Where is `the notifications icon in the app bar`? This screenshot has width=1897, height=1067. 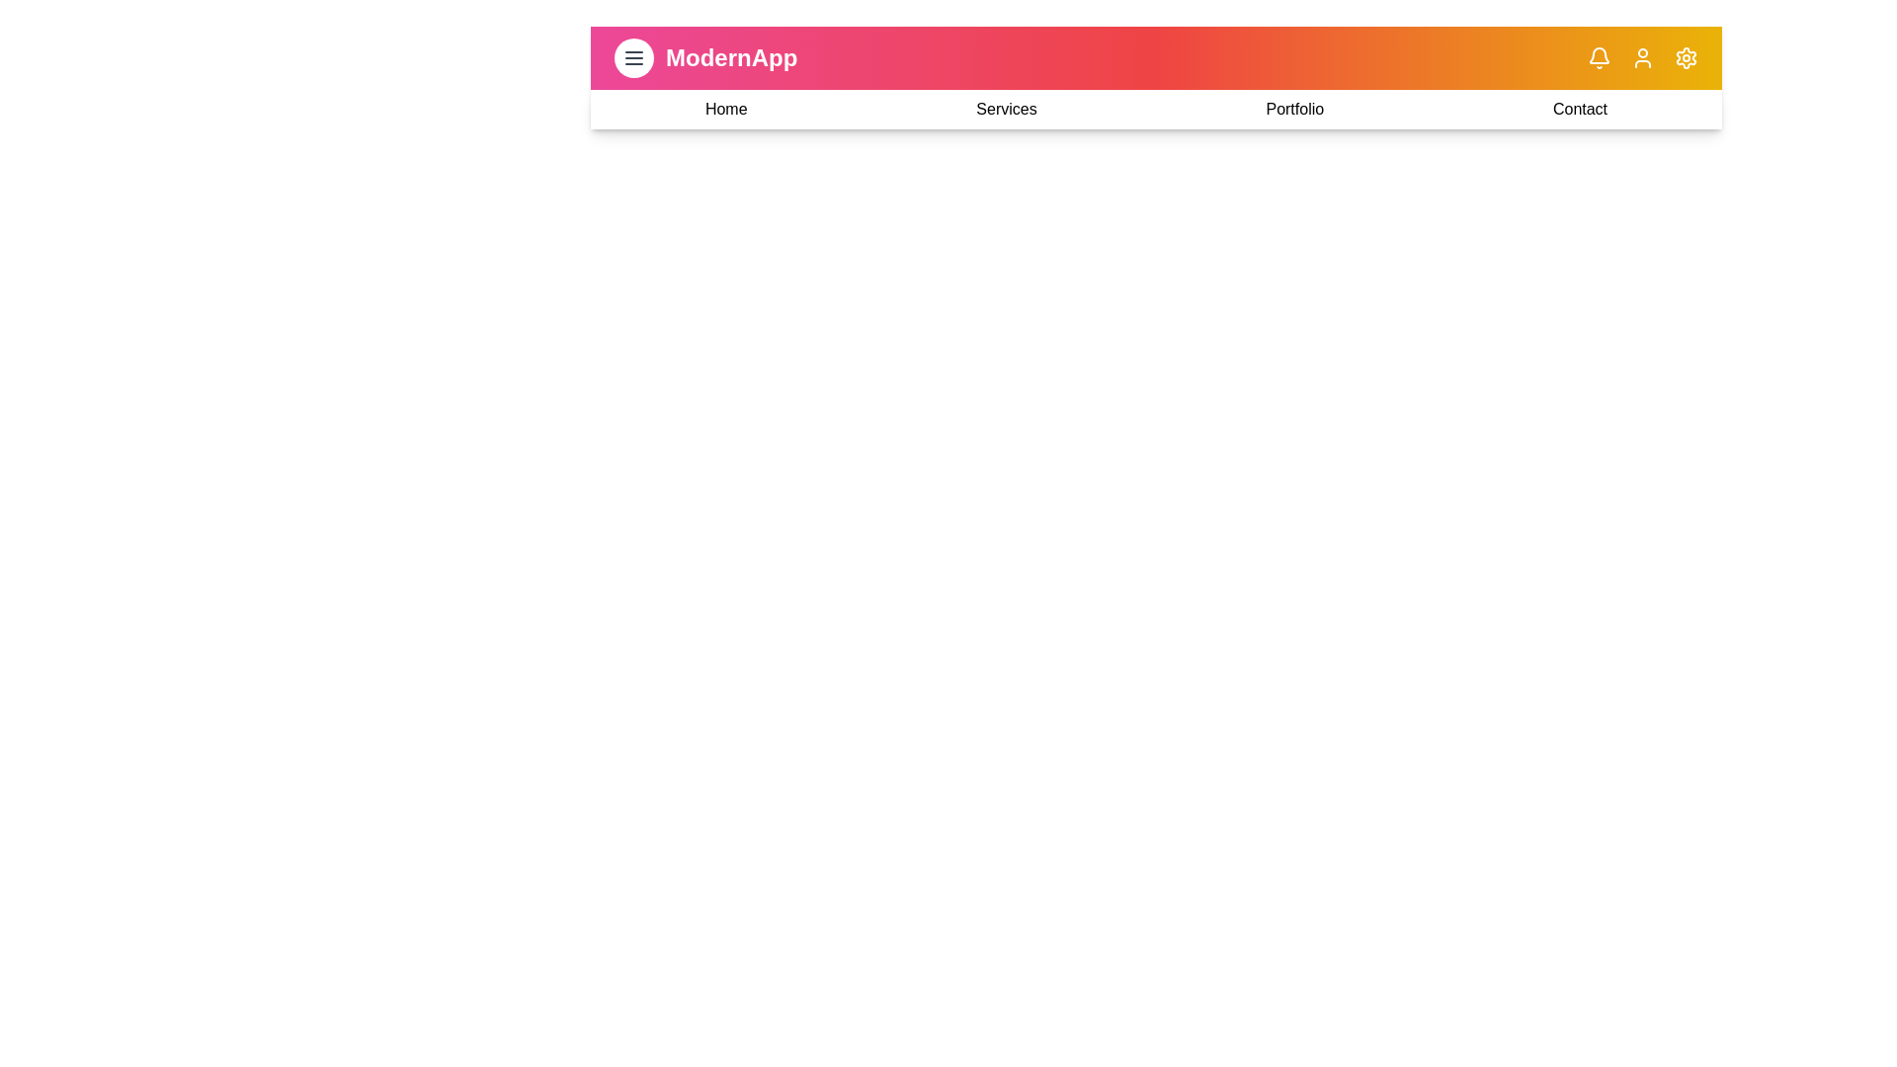 the notifications icon in the app bar is located at coordinates (1599, 56).